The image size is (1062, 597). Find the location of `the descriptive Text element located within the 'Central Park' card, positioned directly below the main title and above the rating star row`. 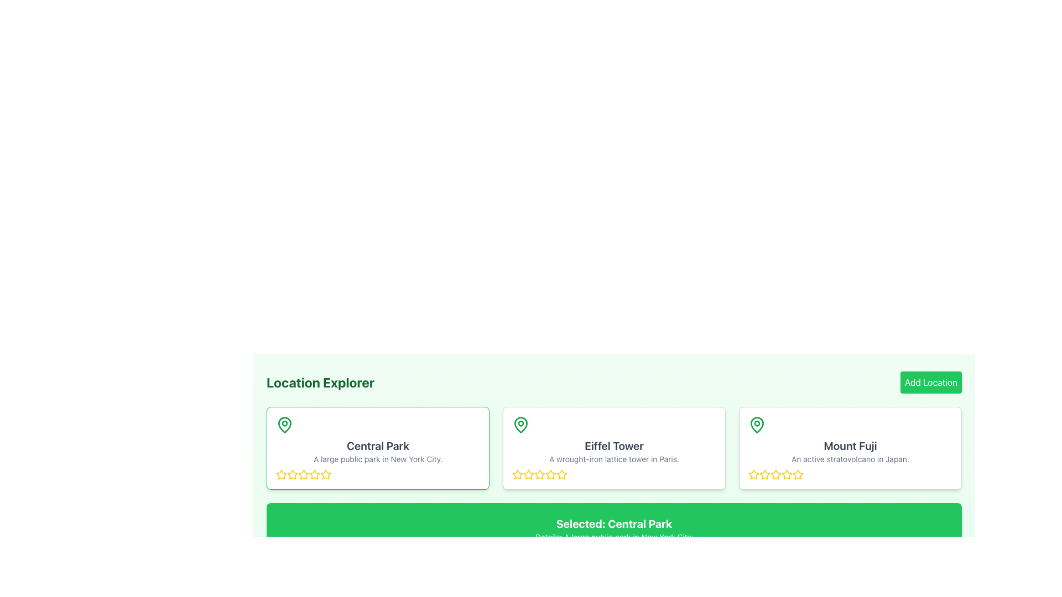

the descriptive Text element located within the 'Central Park' card, positioned directly below the main title and above the rating star row is located at coordinates (378, 459).